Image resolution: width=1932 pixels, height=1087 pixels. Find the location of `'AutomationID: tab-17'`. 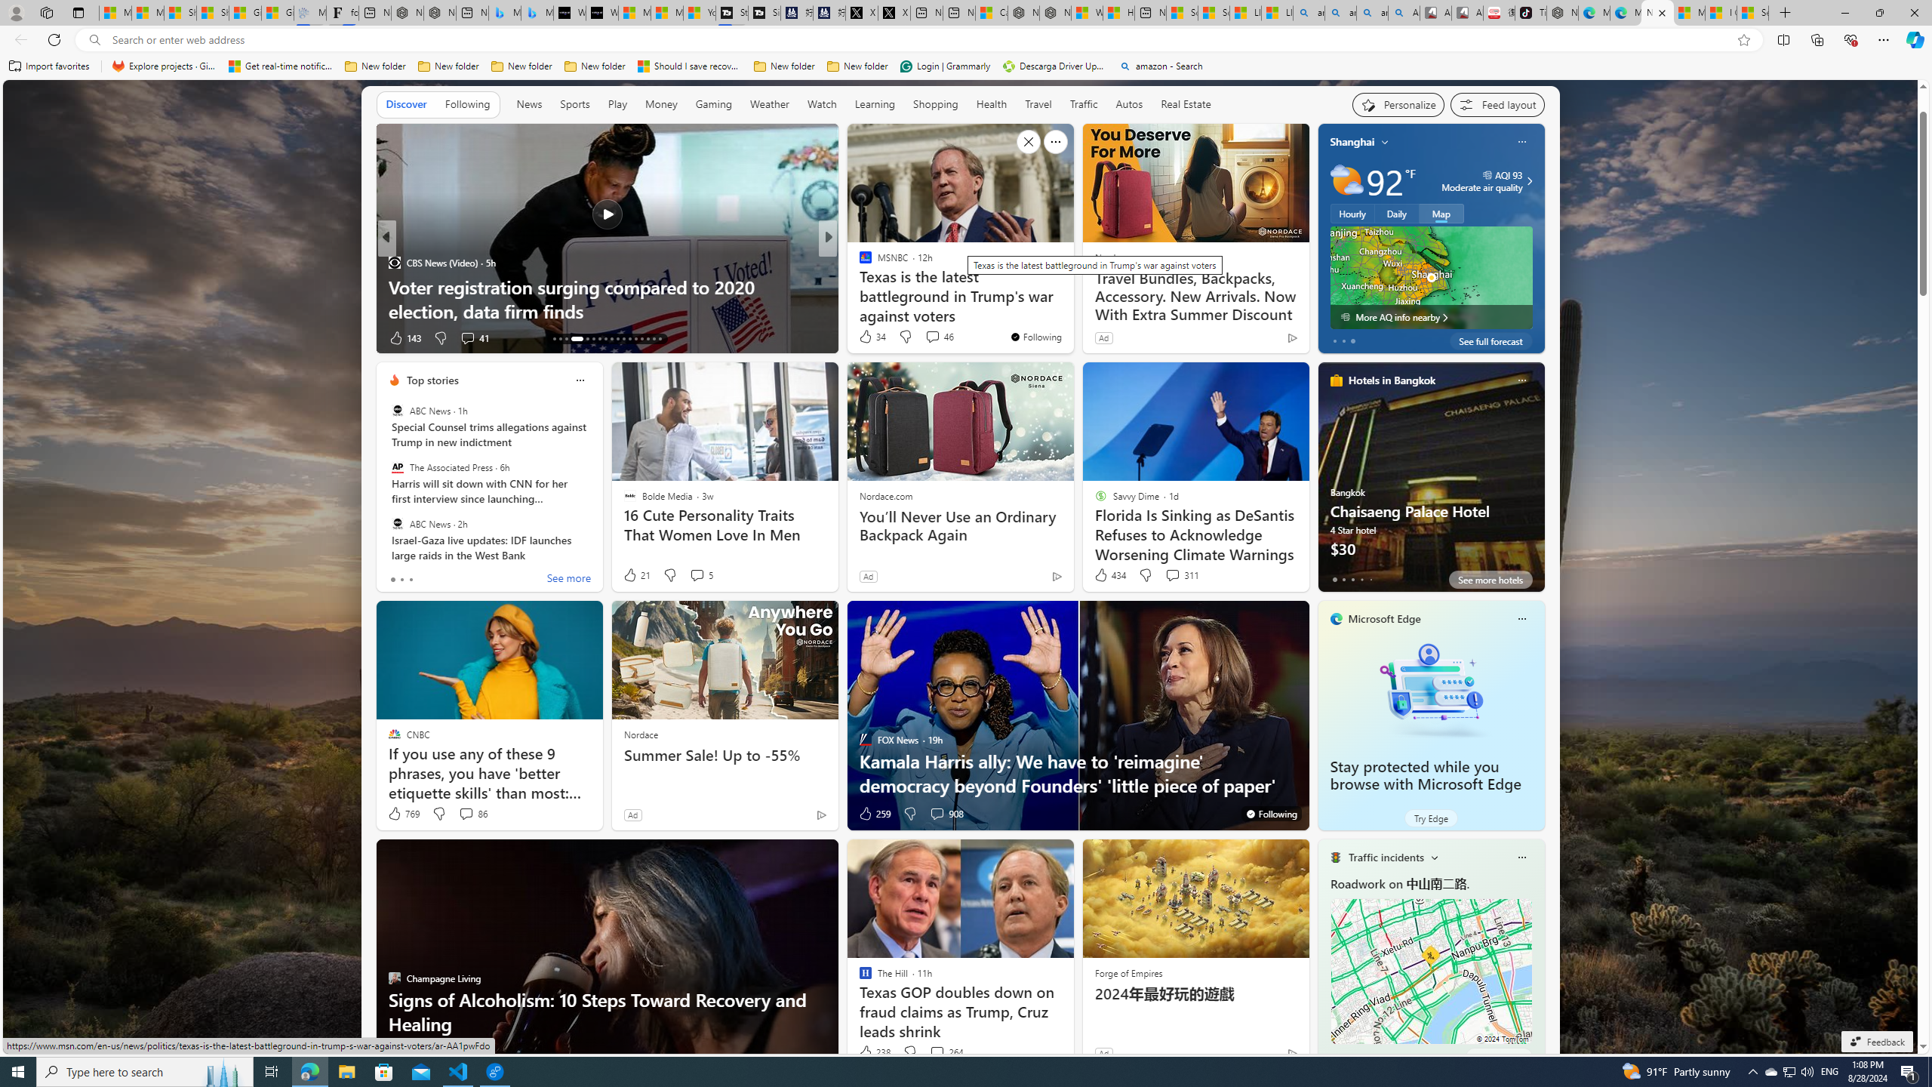

'AutomationID: tab-17' is located at coordinates (583, 338).